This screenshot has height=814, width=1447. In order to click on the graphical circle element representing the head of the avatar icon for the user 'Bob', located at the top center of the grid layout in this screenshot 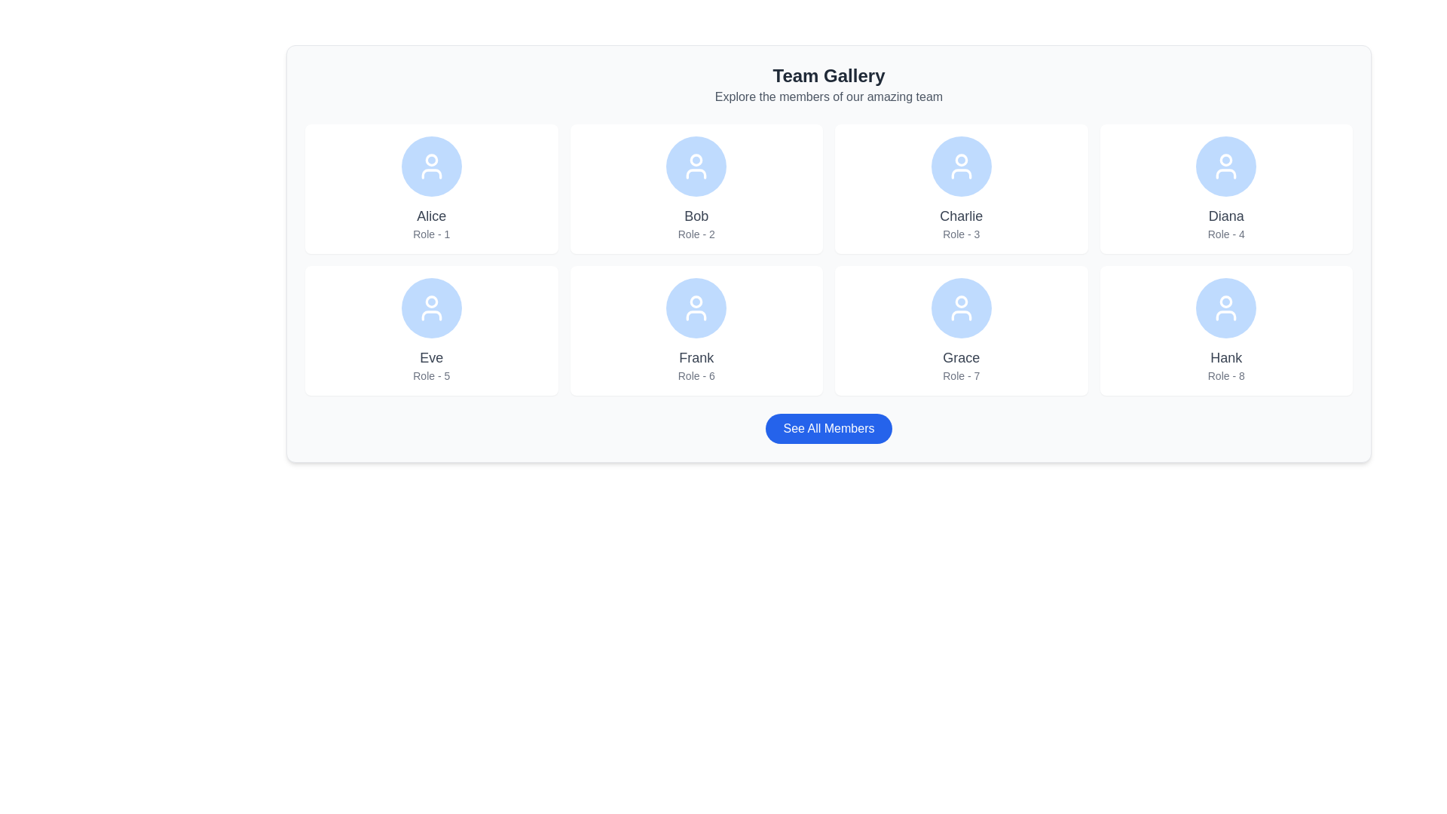, I will do `click(696, 160)`.